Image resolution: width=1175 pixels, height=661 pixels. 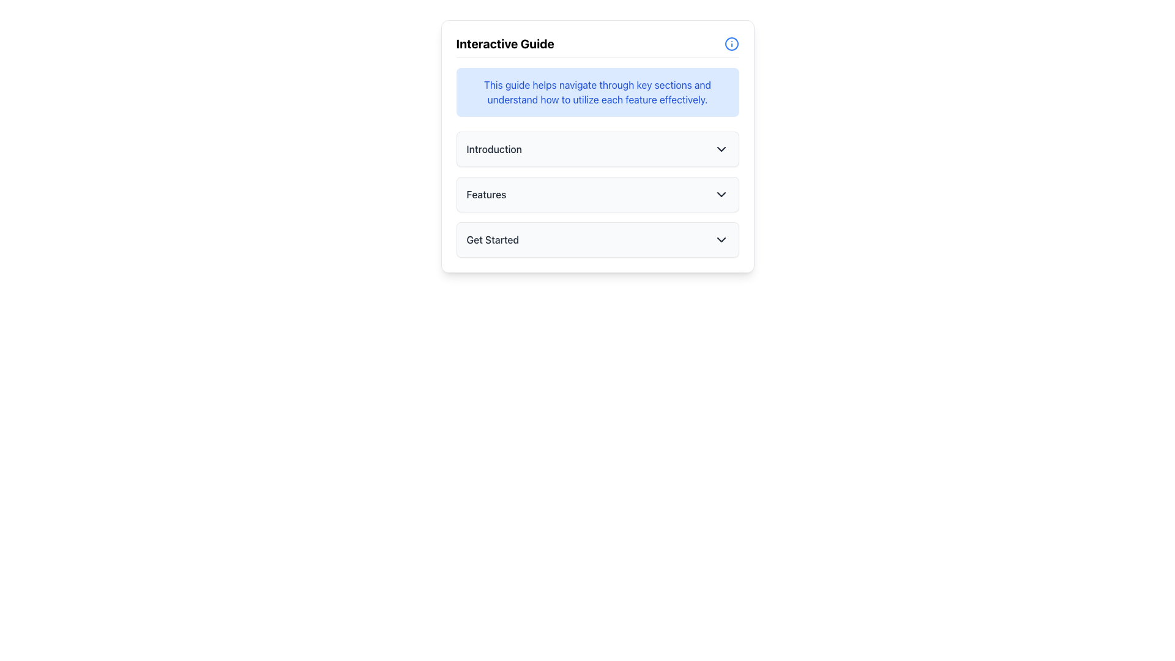 What do you see at coordinates (597, 193) in the screenshot?
I see `the 'Features' dropdown menu item` at bounding box center [597, 193].